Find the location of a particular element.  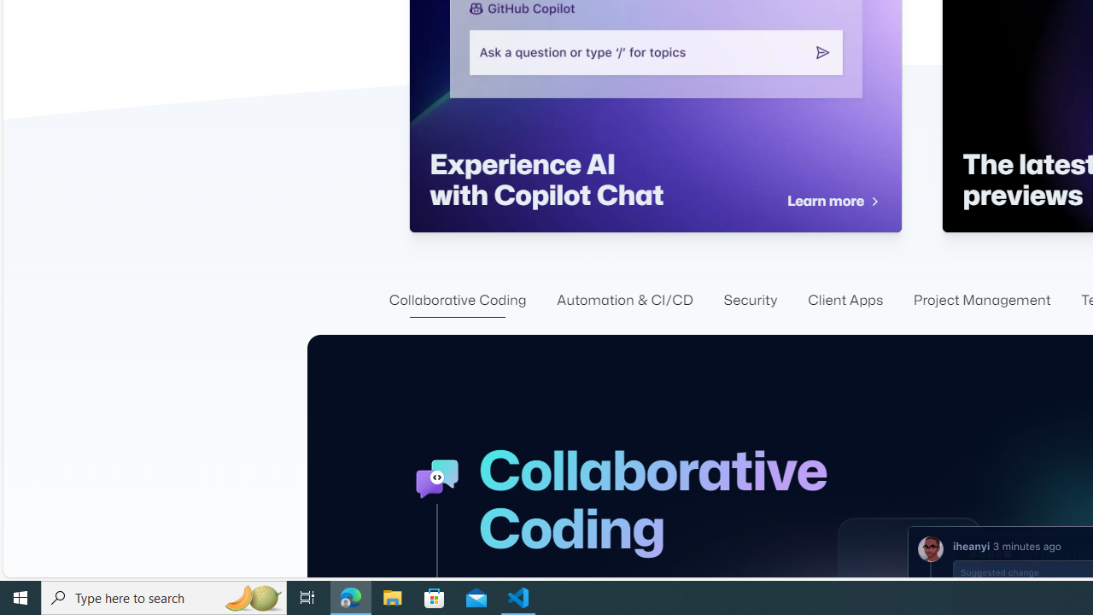

'Client Apps' is located at coordinates (845, 300).